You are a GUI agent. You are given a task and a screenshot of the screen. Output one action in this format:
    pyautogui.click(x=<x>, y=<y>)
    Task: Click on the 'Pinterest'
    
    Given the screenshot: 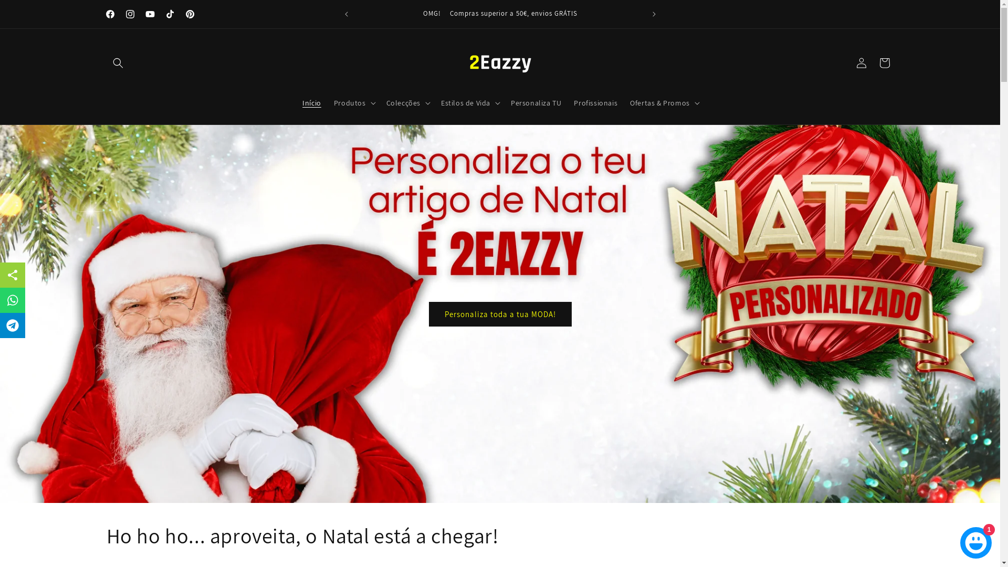 What is the action you would take?
    pyautogui.click(x=179, y=14)
    